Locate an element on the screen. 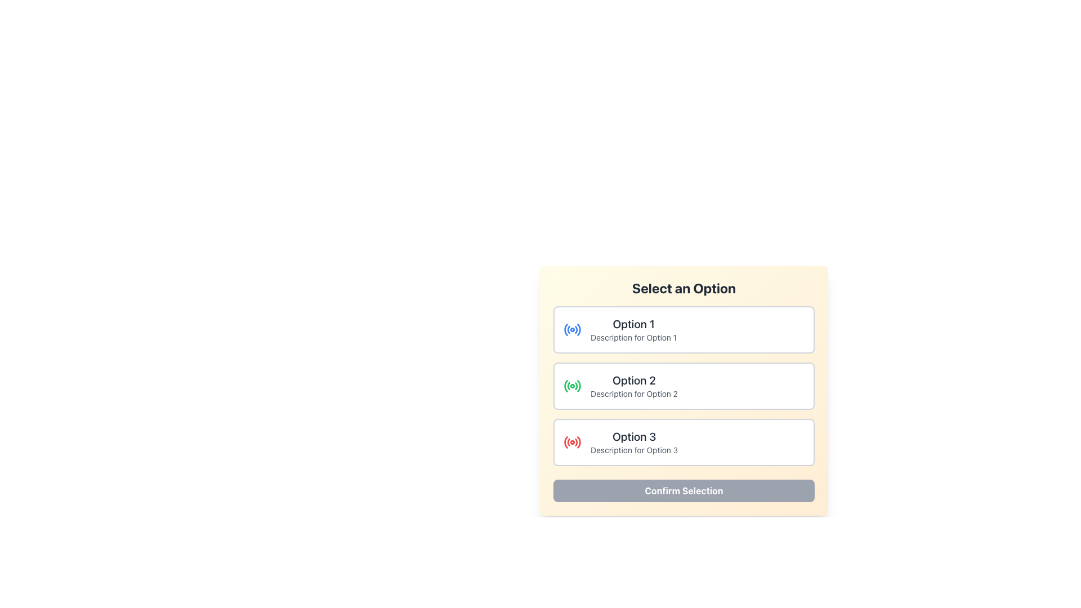 This screenshot has height=608, width=1081. the fifth SVG icon element that depicts a circular radio-like shape, which is part of the second option's row in the interface, centered to the left of 'Option 2' is located at coordinates (579, 385).